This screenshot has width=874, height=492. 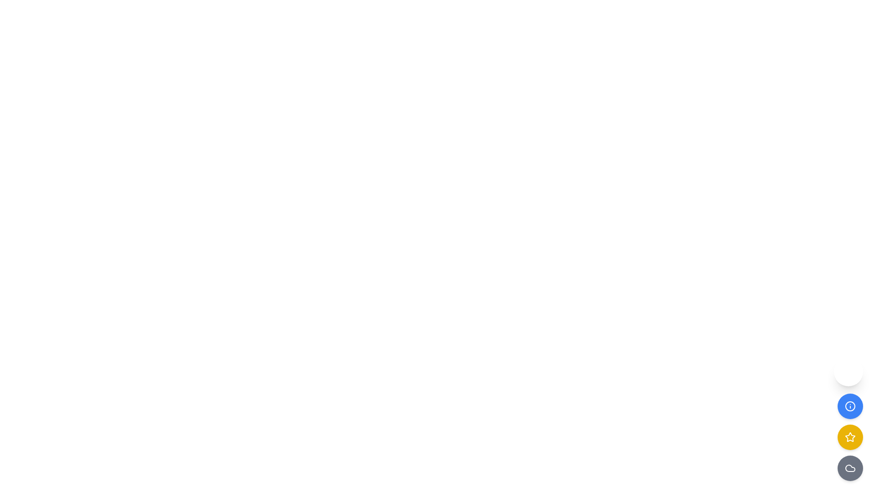 I want to click on the lowermost cloud icon in the vertical stack of icons located at the bottom-right corner of the interface, so click(x=849, y=468).